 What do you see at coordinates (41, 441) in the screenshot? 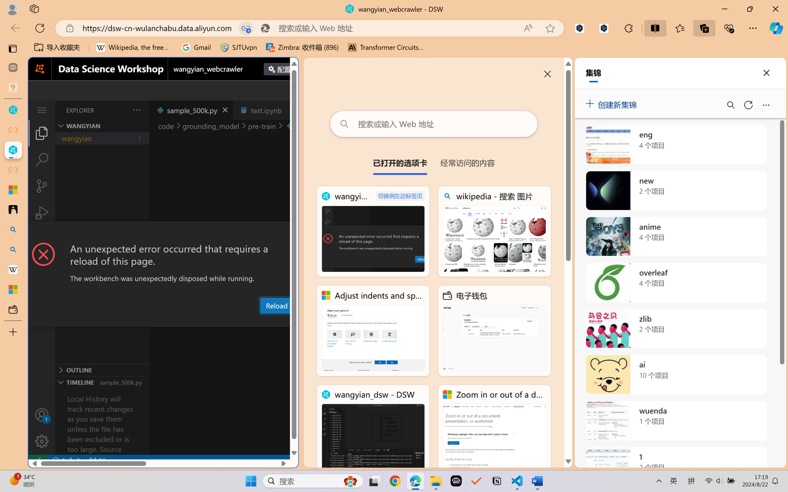
I see `'Manage'` at bounding box center [41, 441].